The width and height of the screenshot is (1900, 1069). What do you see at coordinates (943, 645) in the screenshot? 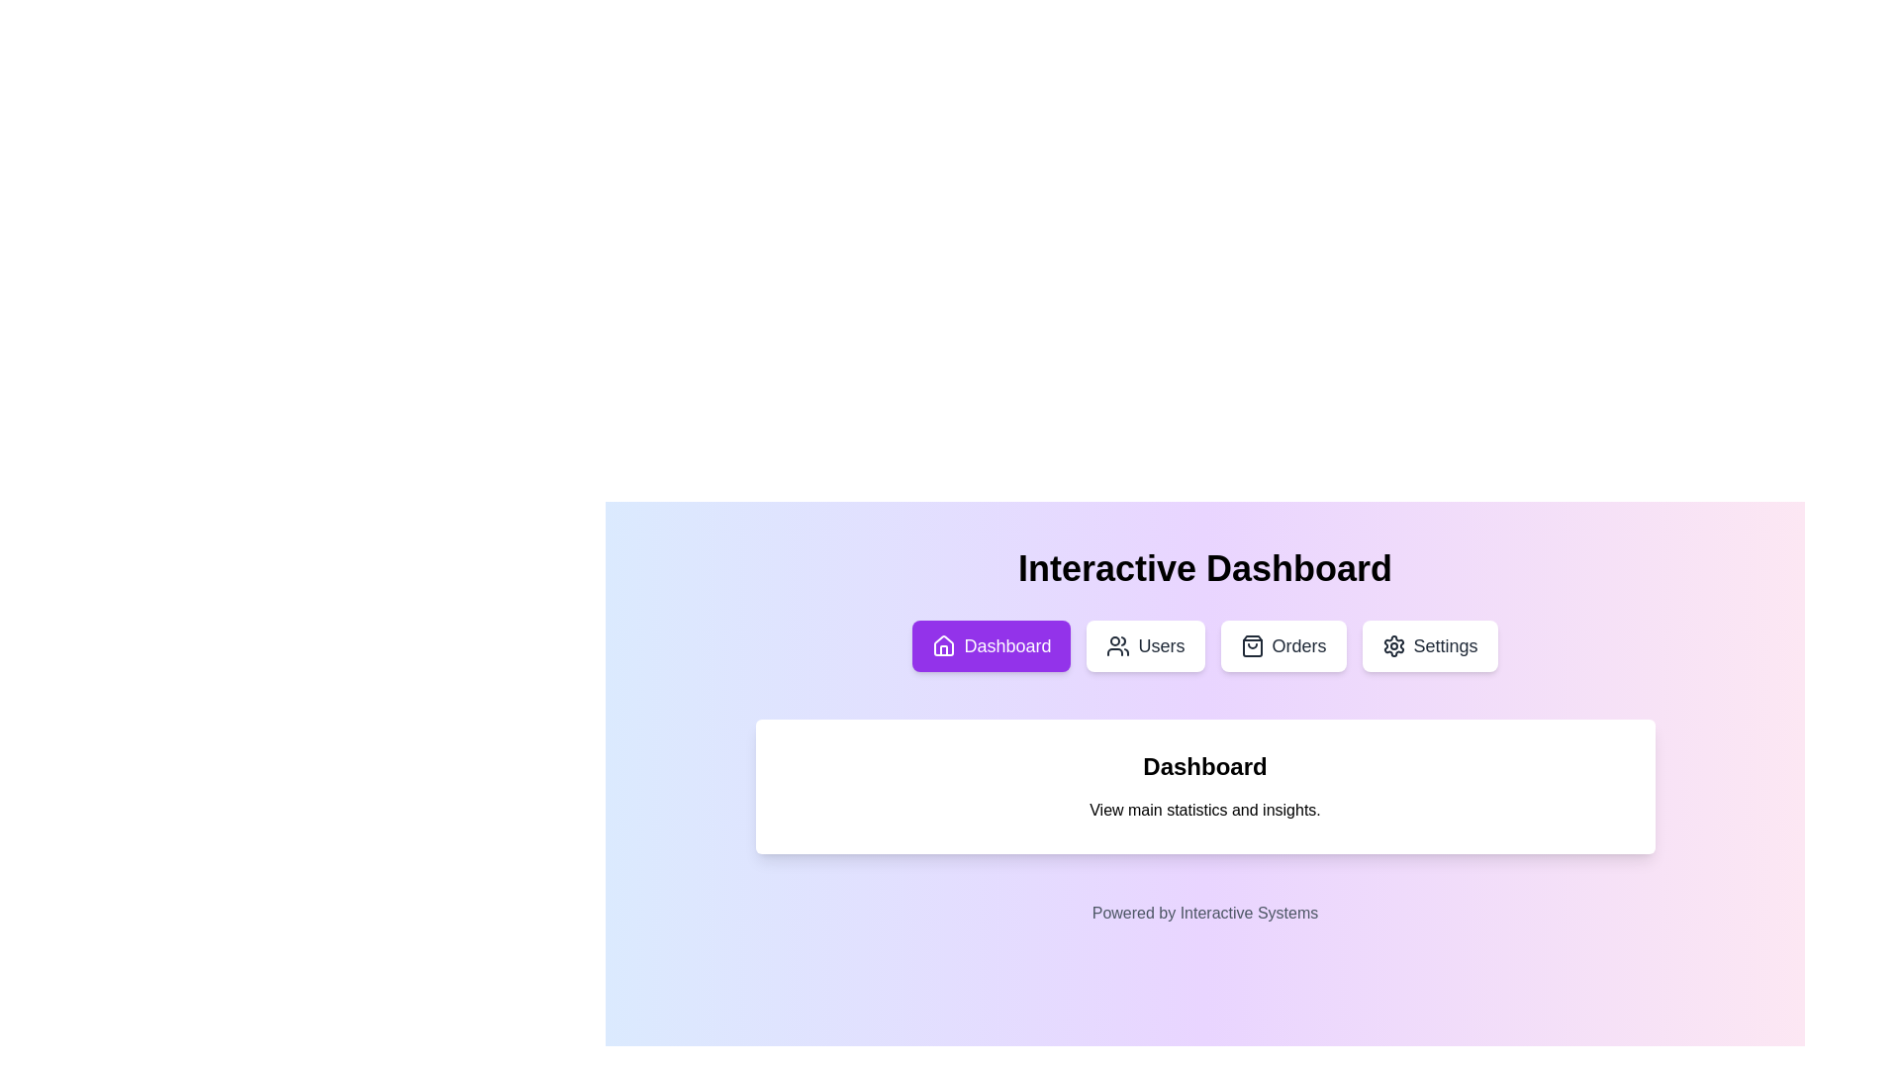
I see `the house icon located at the top-left corner of the 'Dashboard' button, which has a purple and white color scheme` at bounding box center [943, 645].